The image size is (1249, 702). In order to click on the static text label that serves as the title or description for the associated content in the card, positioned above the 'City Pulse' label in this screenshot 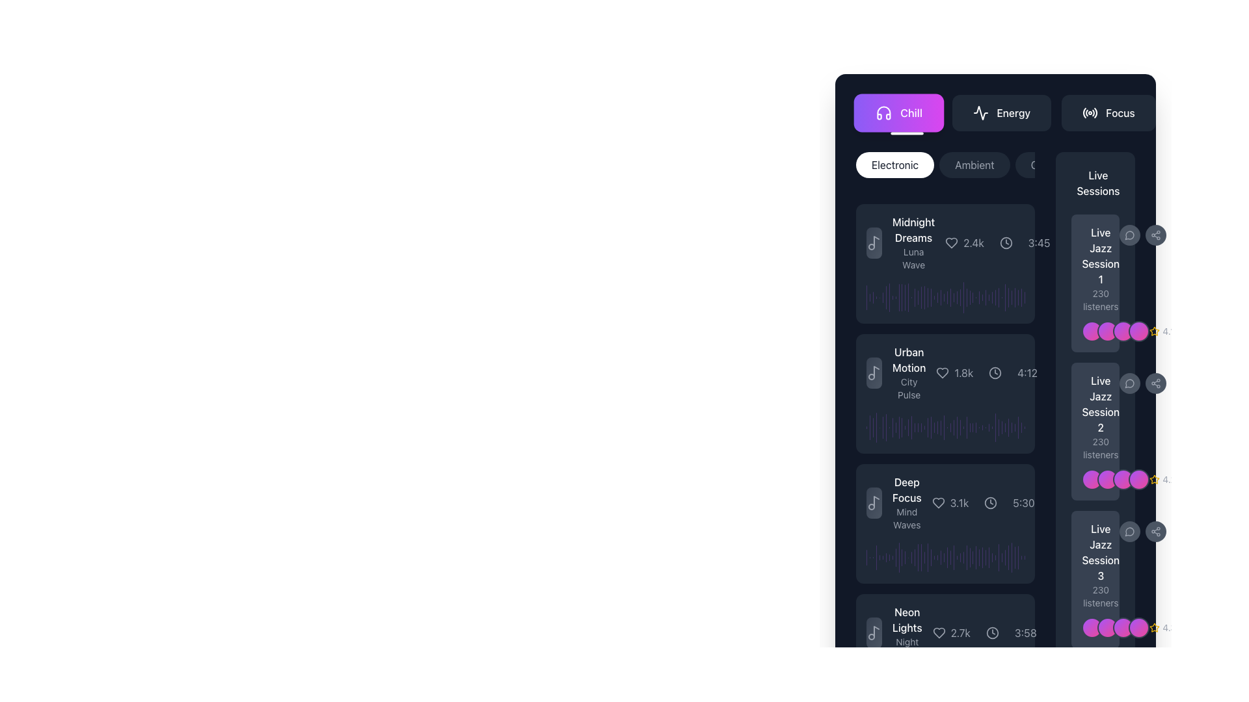, I will do `click(908, 360)`.